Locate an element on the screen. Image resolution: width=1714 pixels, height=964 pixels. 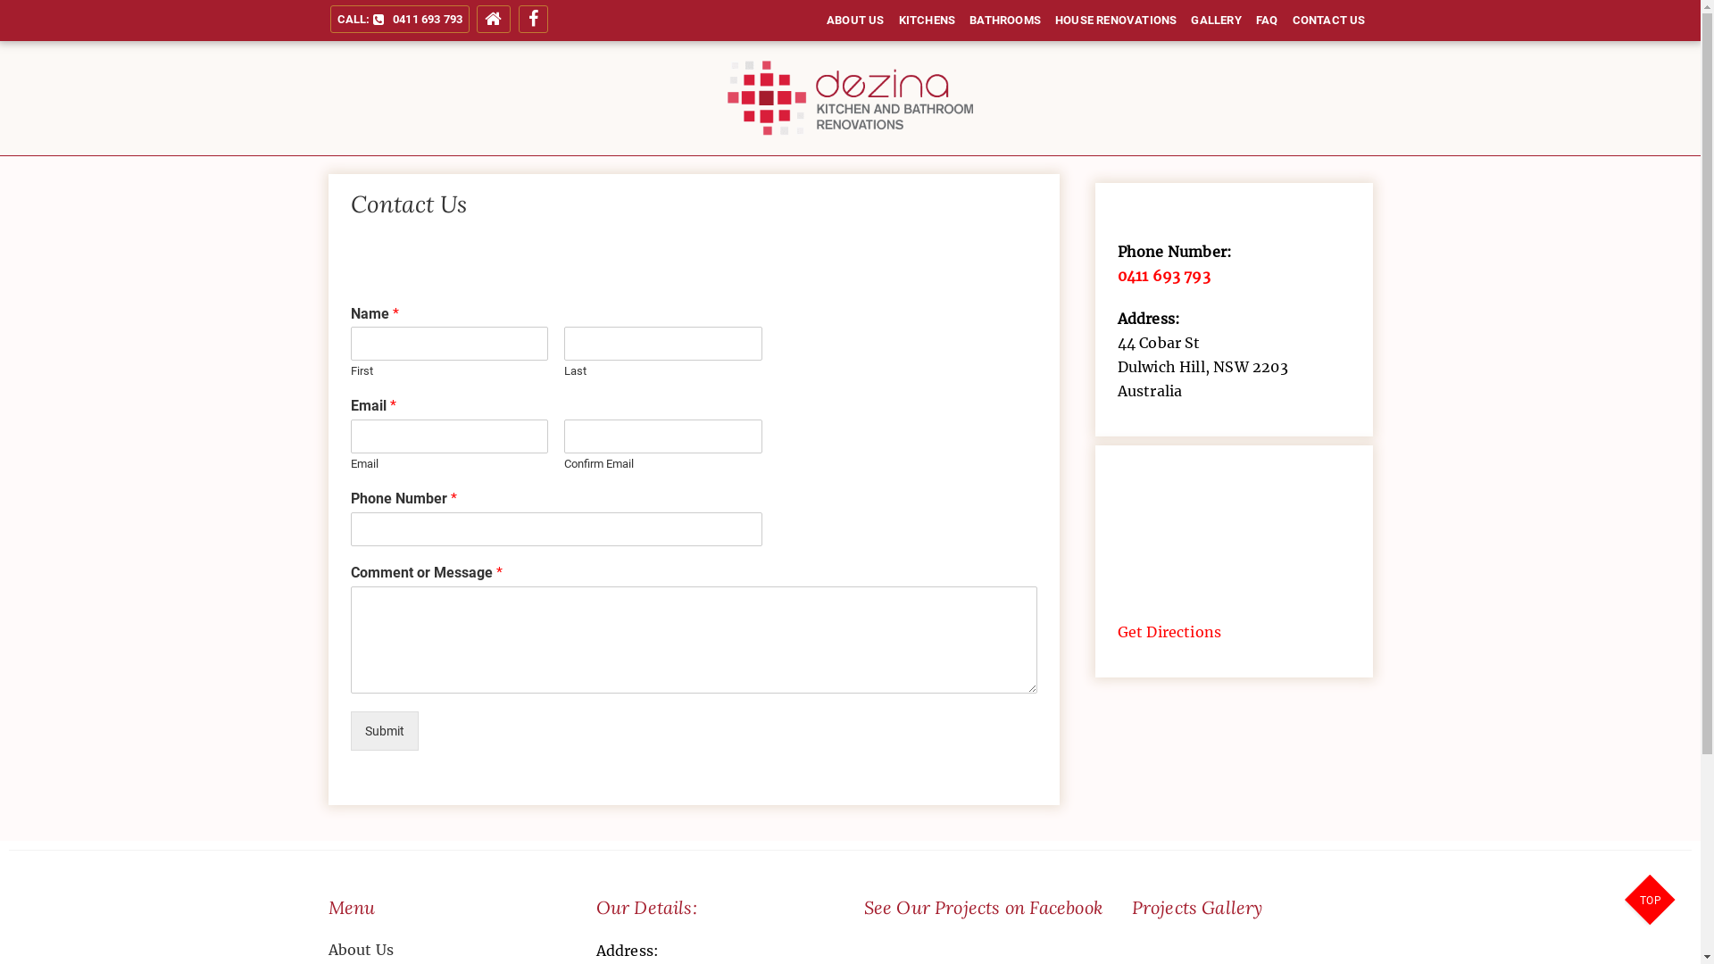
'HOUSE RENOVATIONS' is located at coordinates (1048, 21).